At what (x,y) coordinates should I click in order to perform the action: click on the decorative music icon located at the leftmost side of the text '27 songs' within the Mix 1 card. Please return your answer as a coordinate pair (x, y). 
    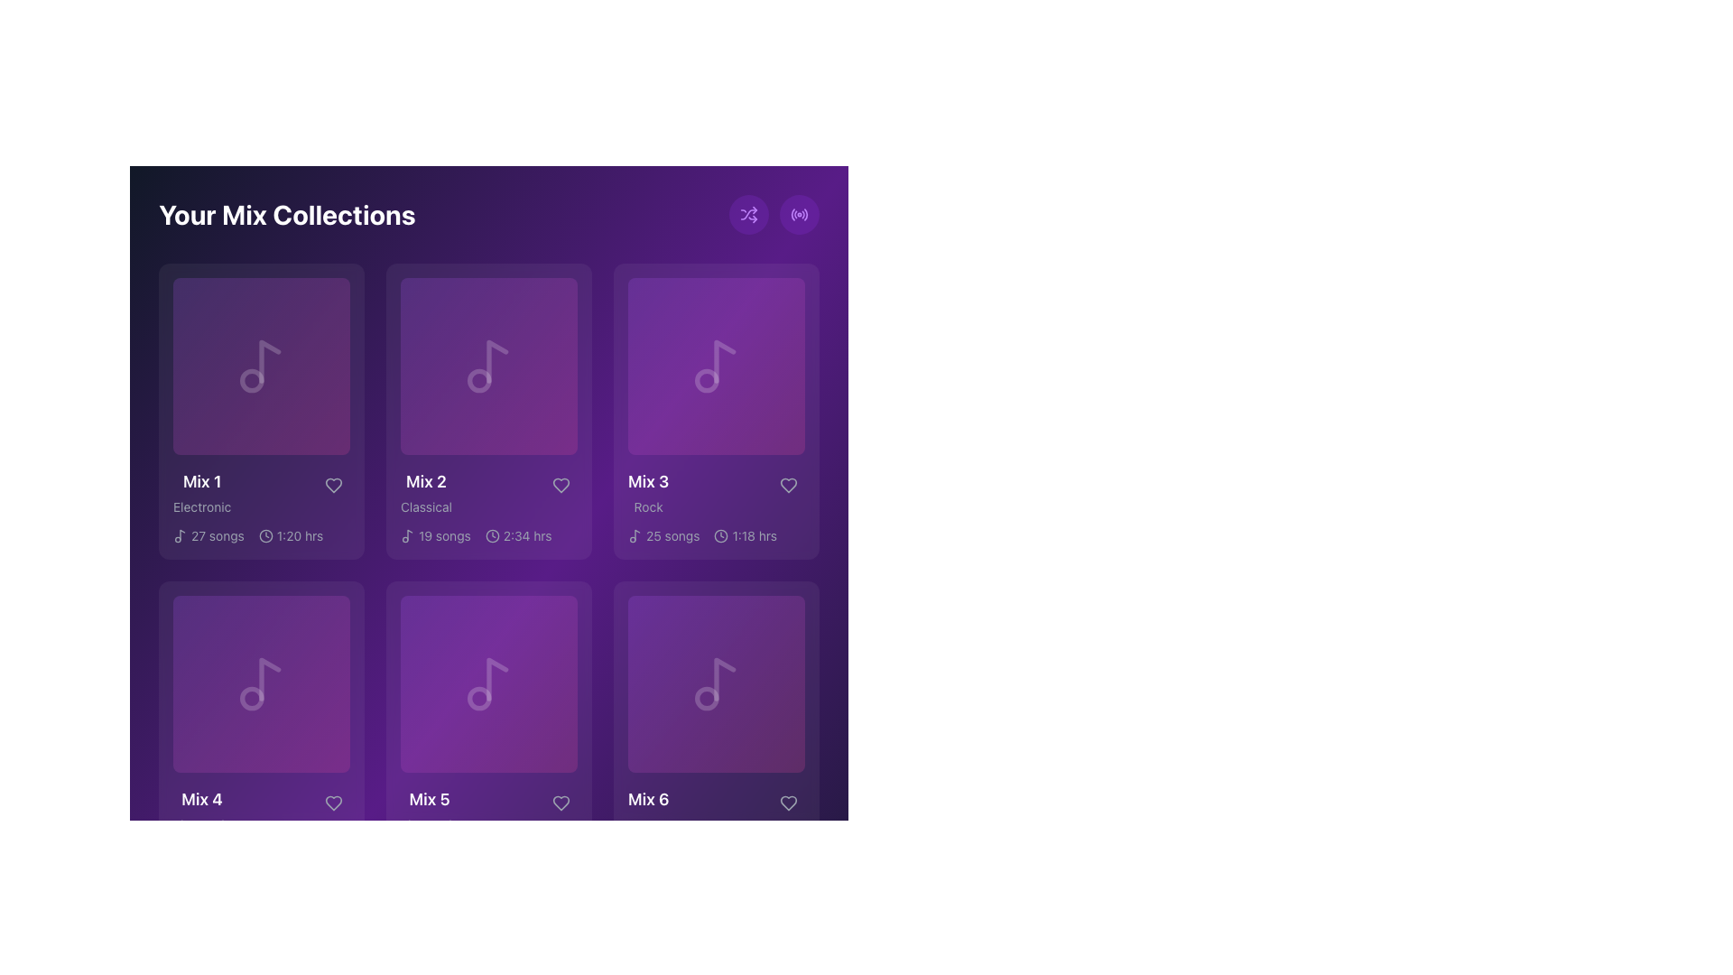
    Looking at the image, I should click on (181, 535).